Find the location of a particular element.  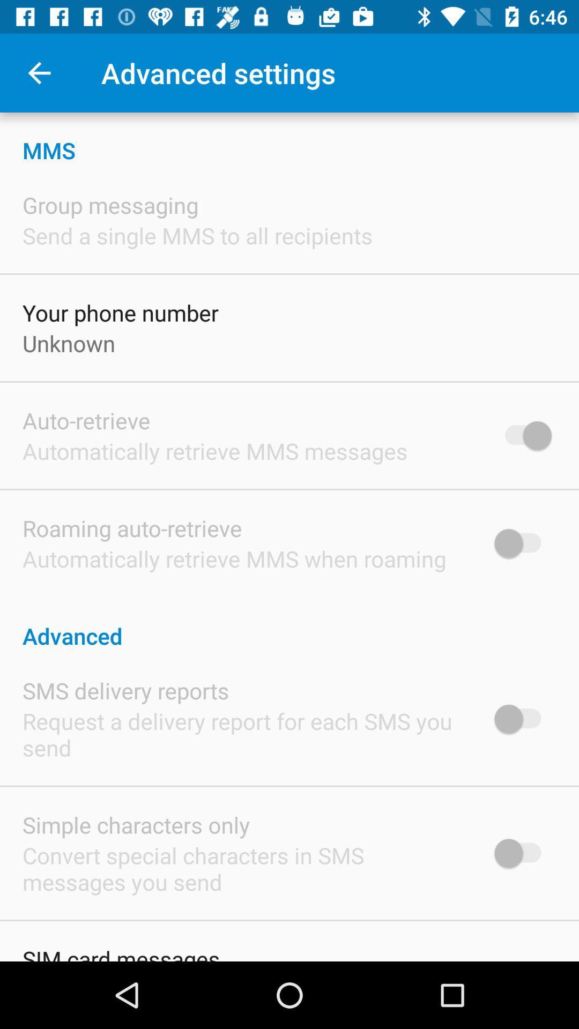

icon below the sms delivery reports icon is located at coordinates (244, 734).